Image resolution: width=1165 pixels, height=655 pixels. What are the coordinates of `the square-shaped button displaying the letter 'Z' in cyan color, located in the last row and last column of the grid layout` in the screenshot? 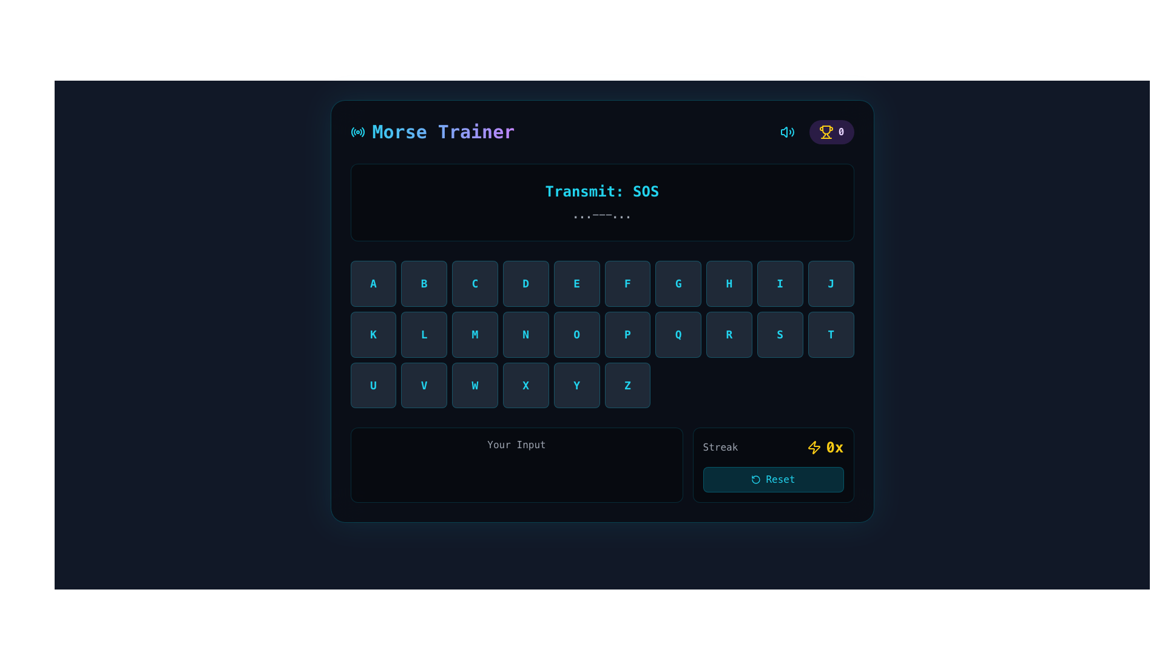 It's located at (627, 385).